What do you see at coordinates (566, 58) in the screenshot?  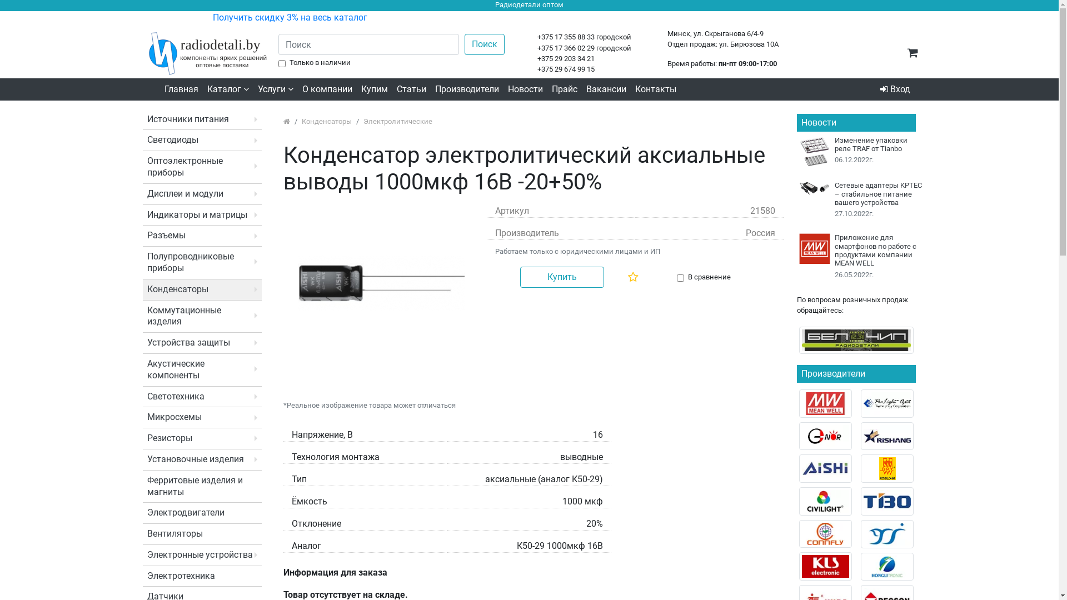 I see `'+375 29 203 34 21'` at bounding box center [566, 58].